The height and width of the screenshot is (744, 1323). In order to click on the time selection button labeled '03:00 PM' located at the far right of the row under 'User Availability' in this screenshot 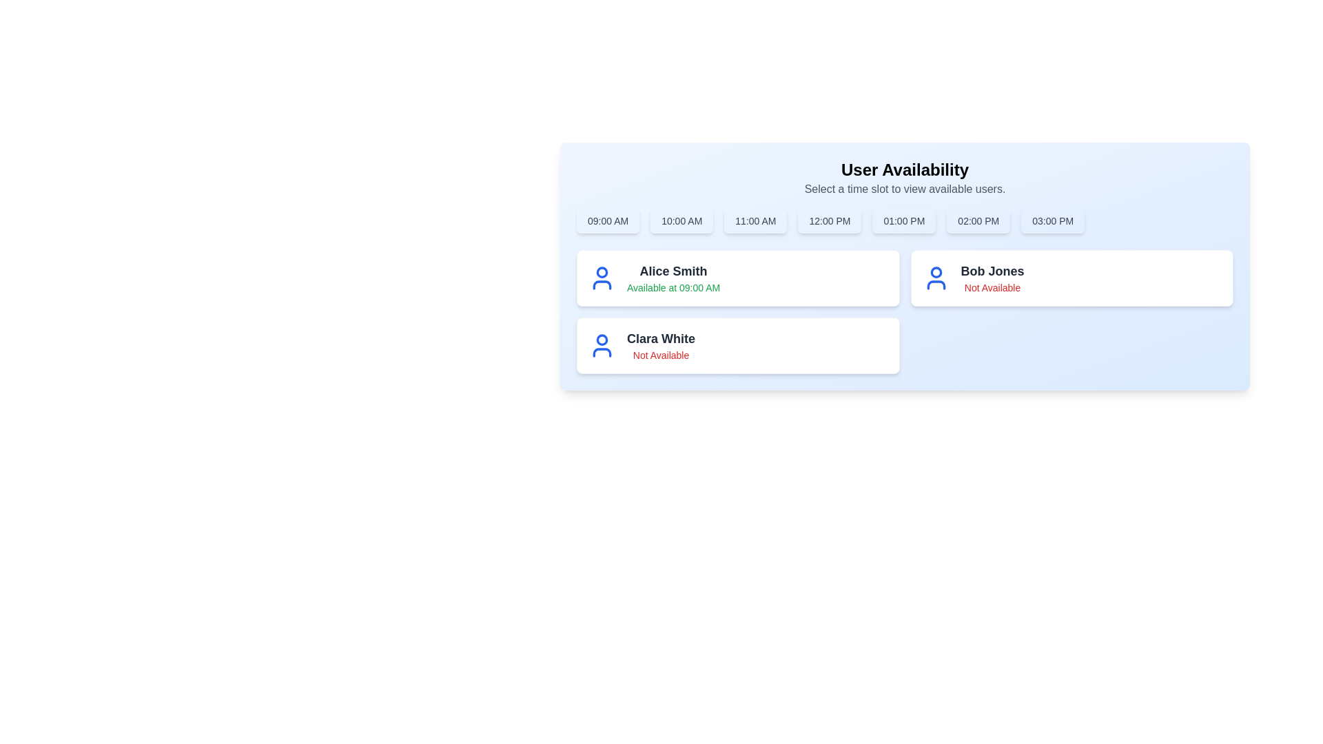, I will do `click(1052, 220)`.